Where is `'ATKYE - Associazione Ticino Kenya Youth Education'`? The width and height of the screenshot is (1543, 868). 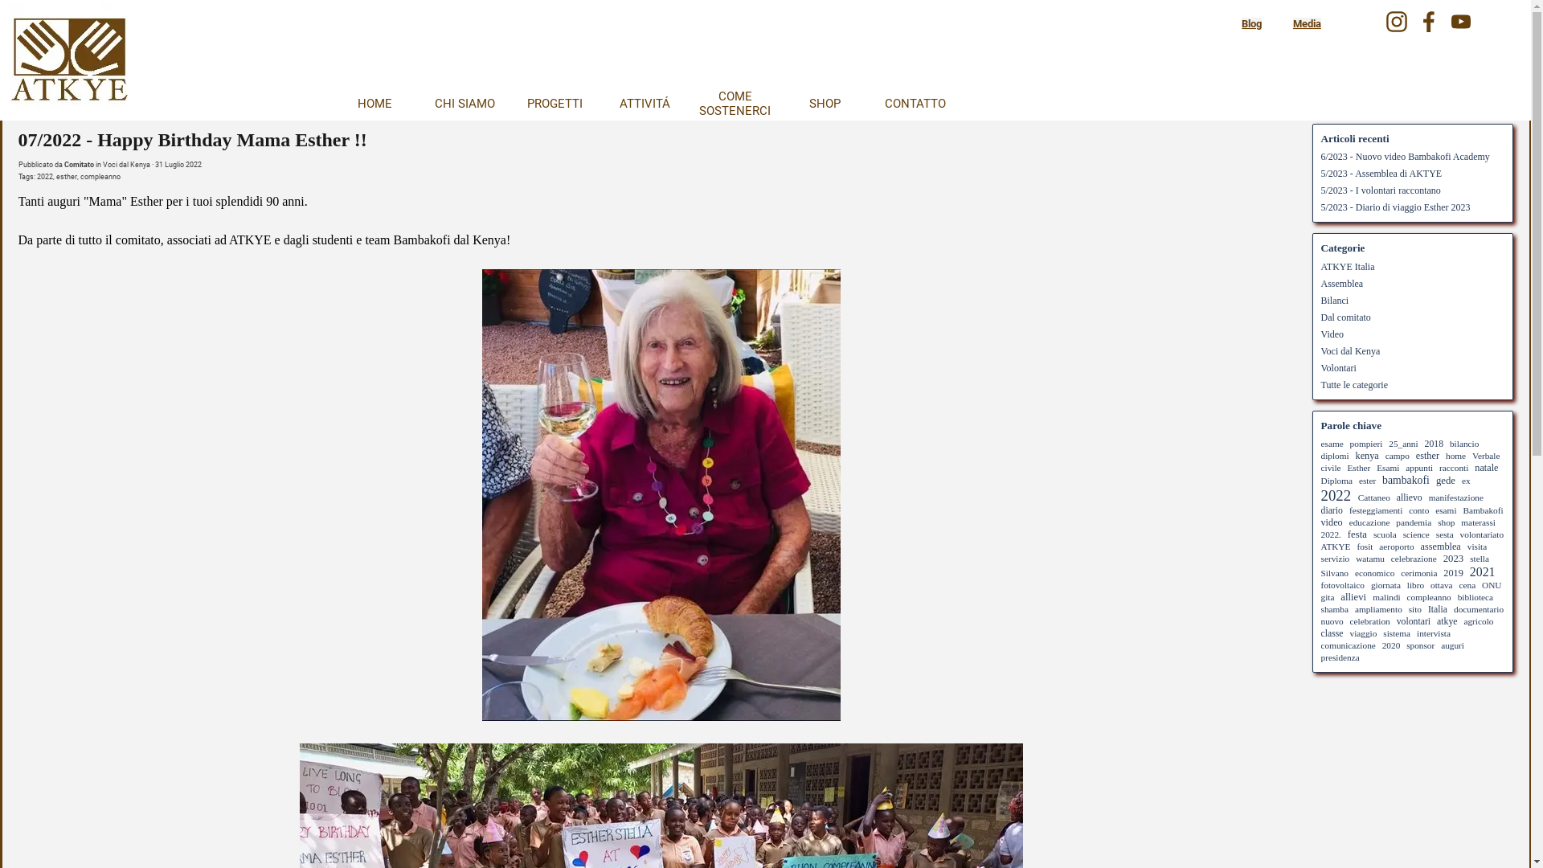 'ATKYE - Associazione Ticino Kenya Youth Education' is located at coordinates (68, 61).